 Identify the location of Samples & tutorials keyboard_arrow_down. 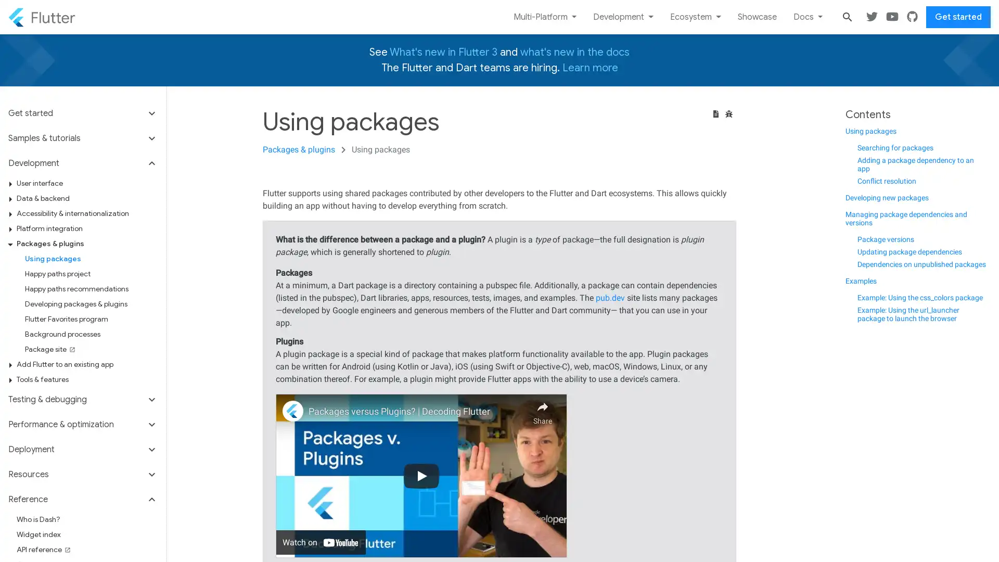
(82, 138).